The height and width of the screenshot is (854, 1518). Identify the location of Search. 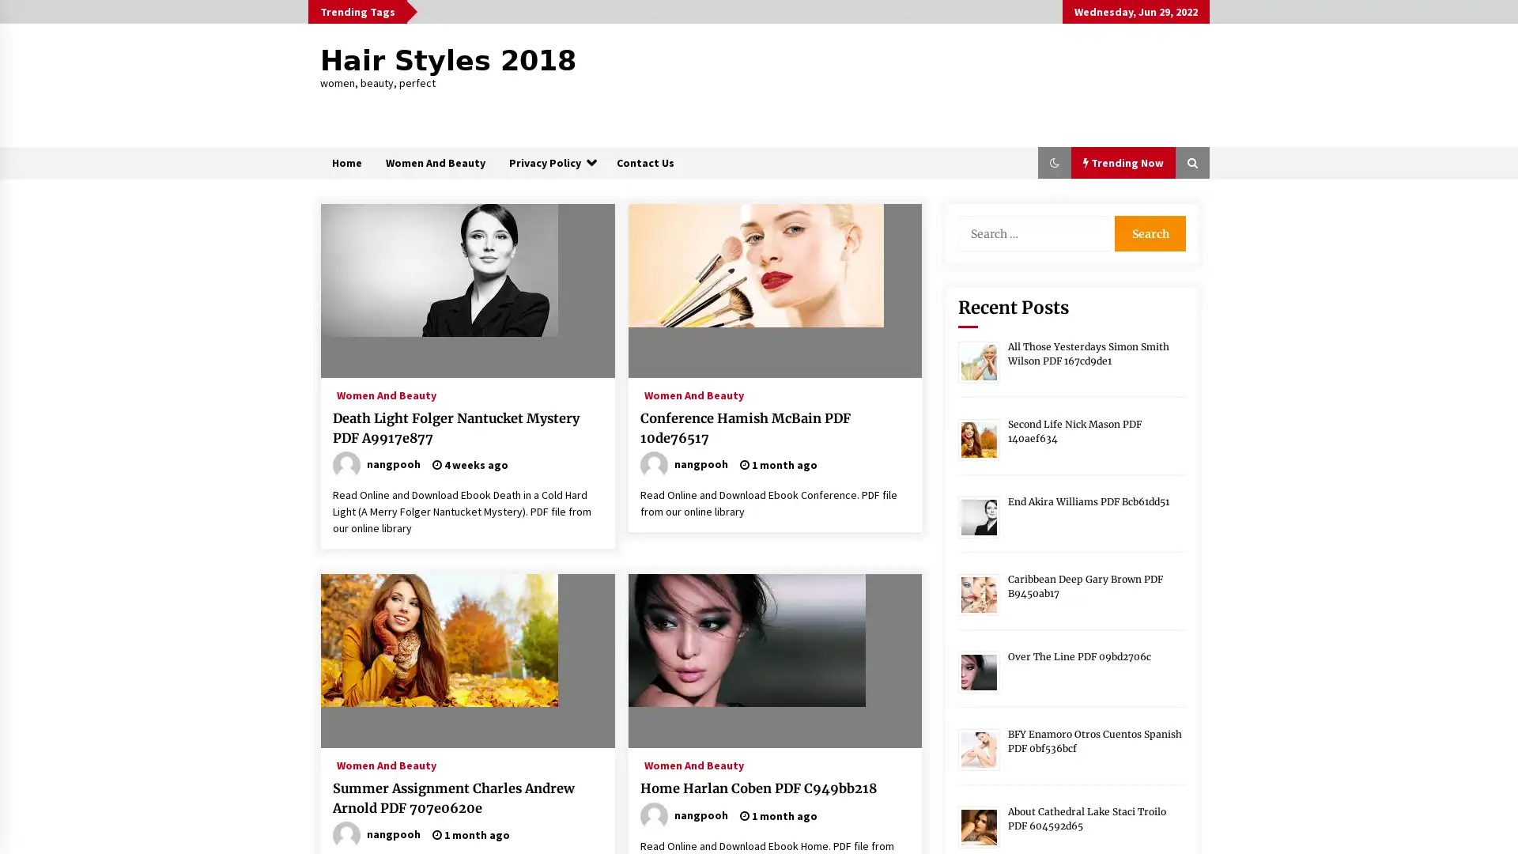
(1150, 233).